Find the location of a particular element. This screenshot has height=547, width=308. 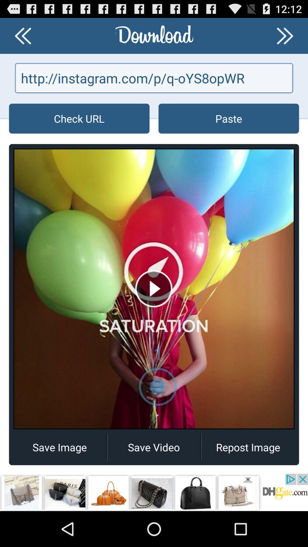

the av_rewind icon is located at coordinates (23, 38).